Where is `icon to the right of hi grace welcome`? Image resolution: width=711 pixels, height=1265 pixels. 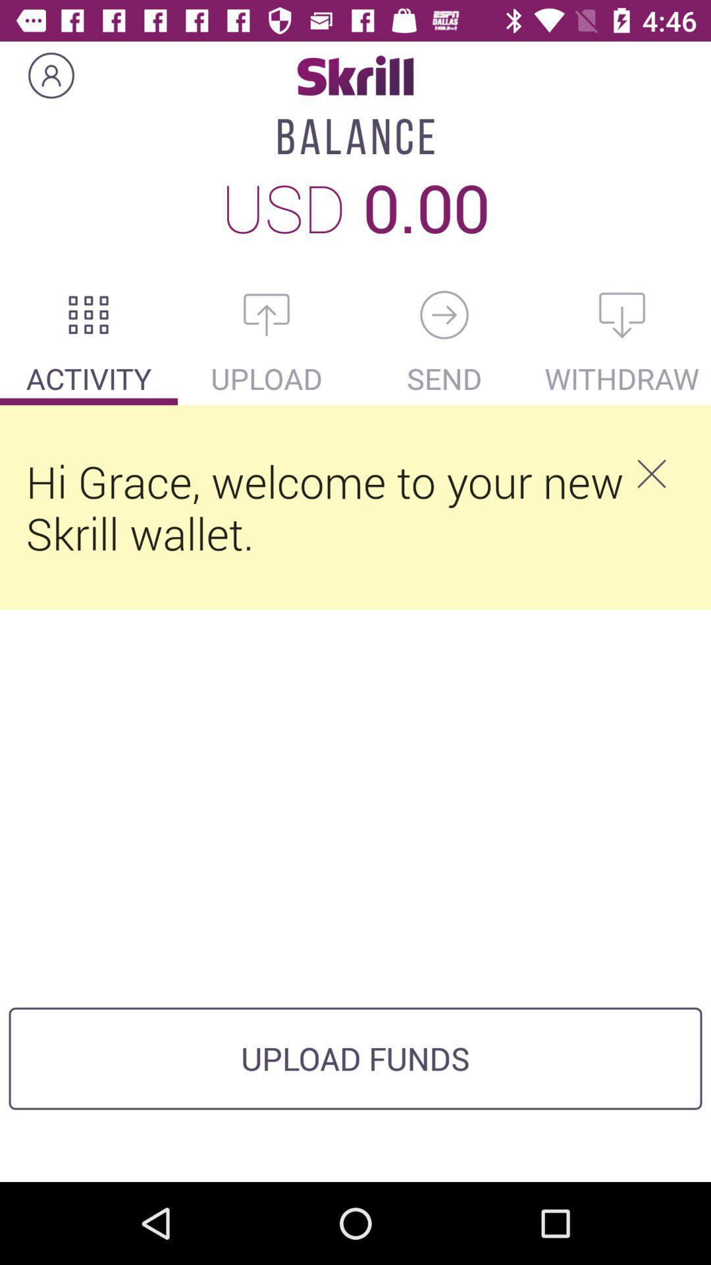 icon to the right of hi grace welcome is located at coordinates (650, 474).